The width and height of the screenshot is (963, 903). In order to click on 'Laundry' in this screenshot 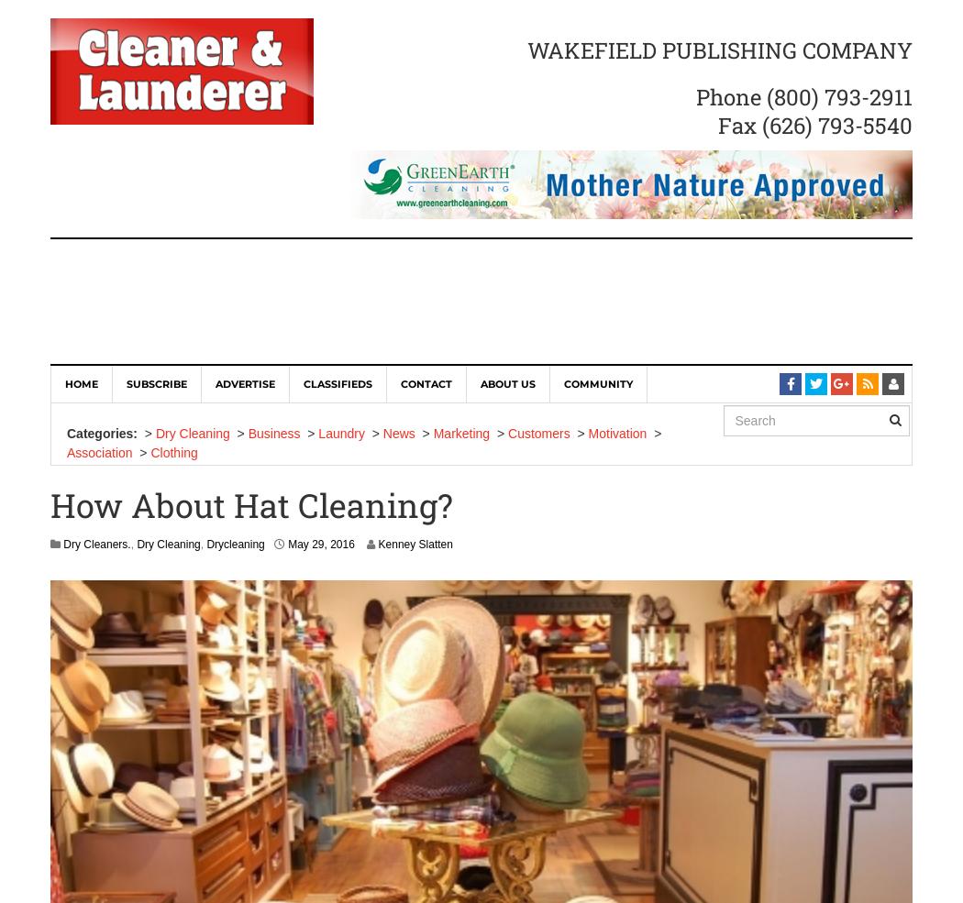, I will do `click(340, 432)`.